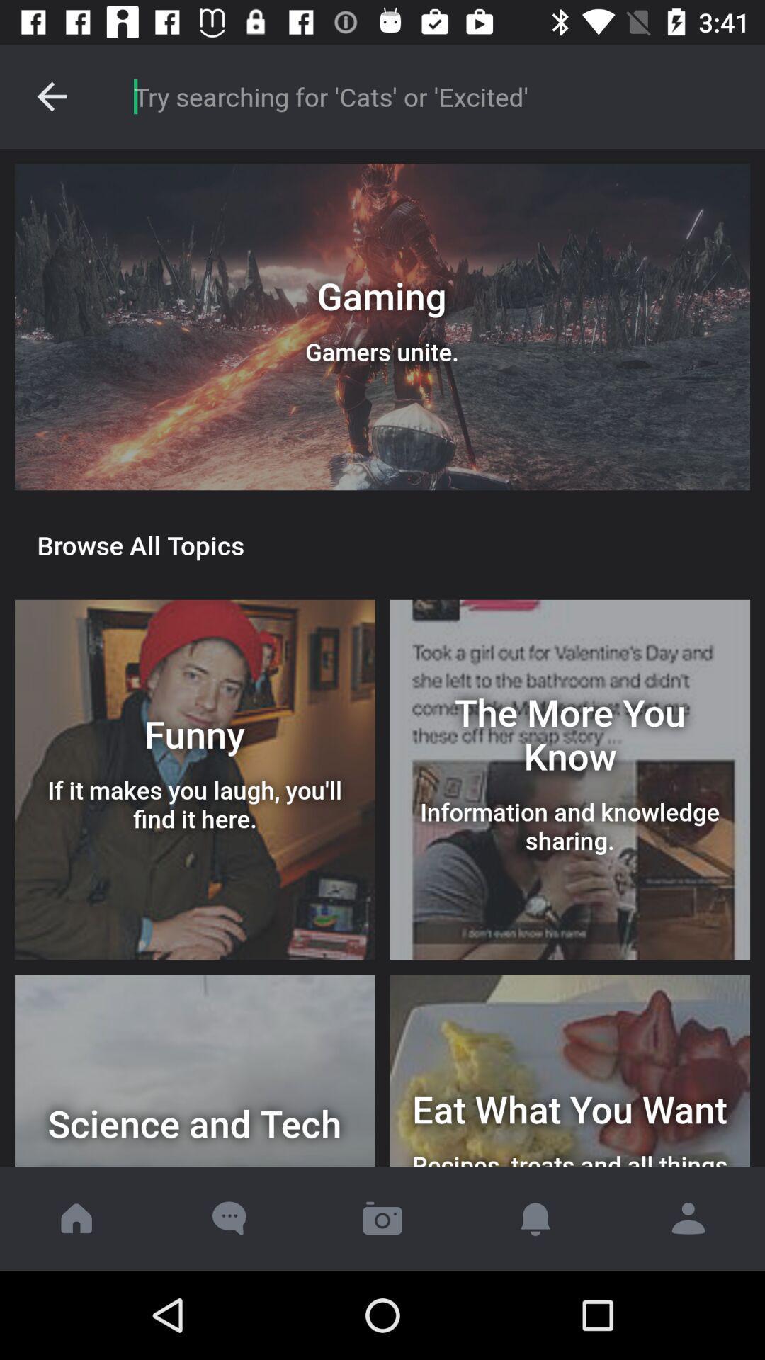 This screenshot has width=765, height=1360. Describe the element at coordinates (51, 96) in the screenshot. I see `back to previous screen` at that location.